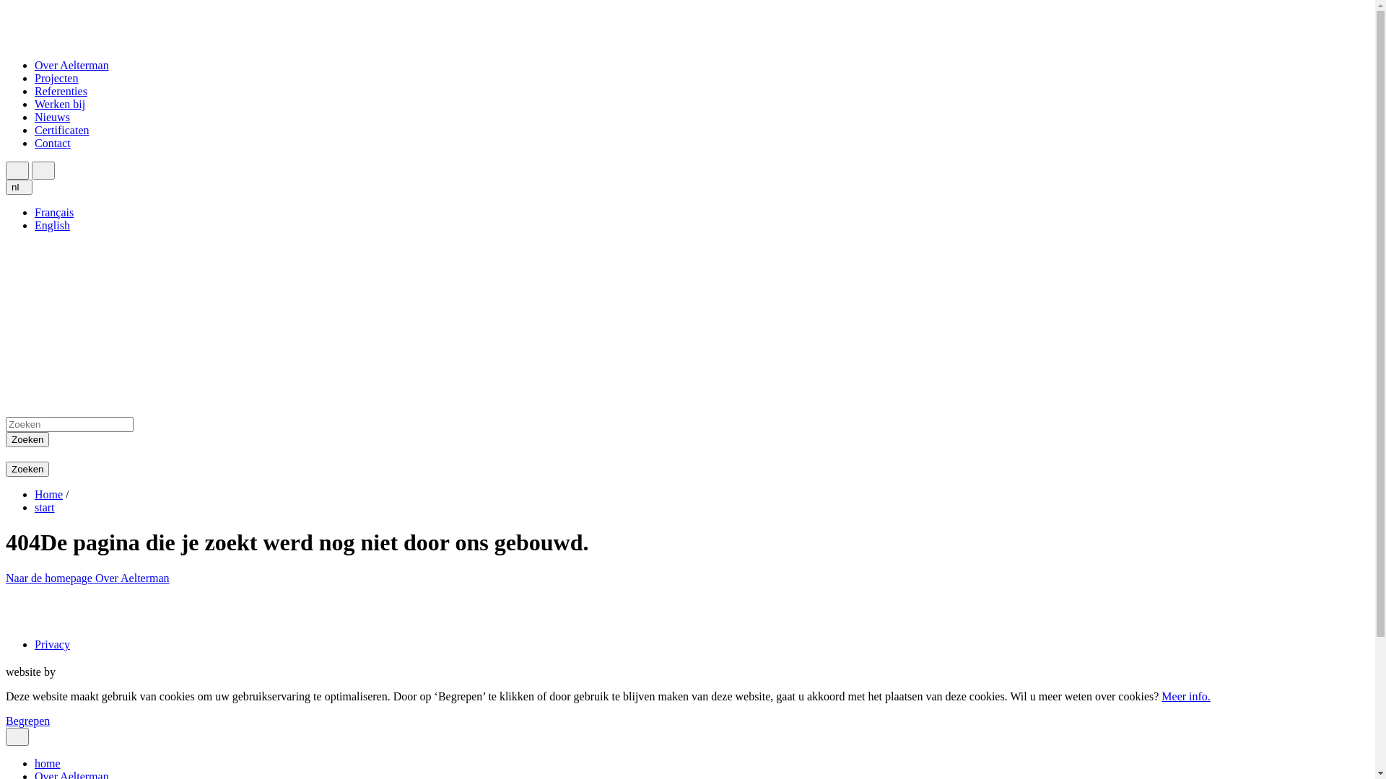 The height and width of the screenshot is (779, 1386). Describe the element at coordinates (52, 225) in the screenshot. I see `'English'` at that location.